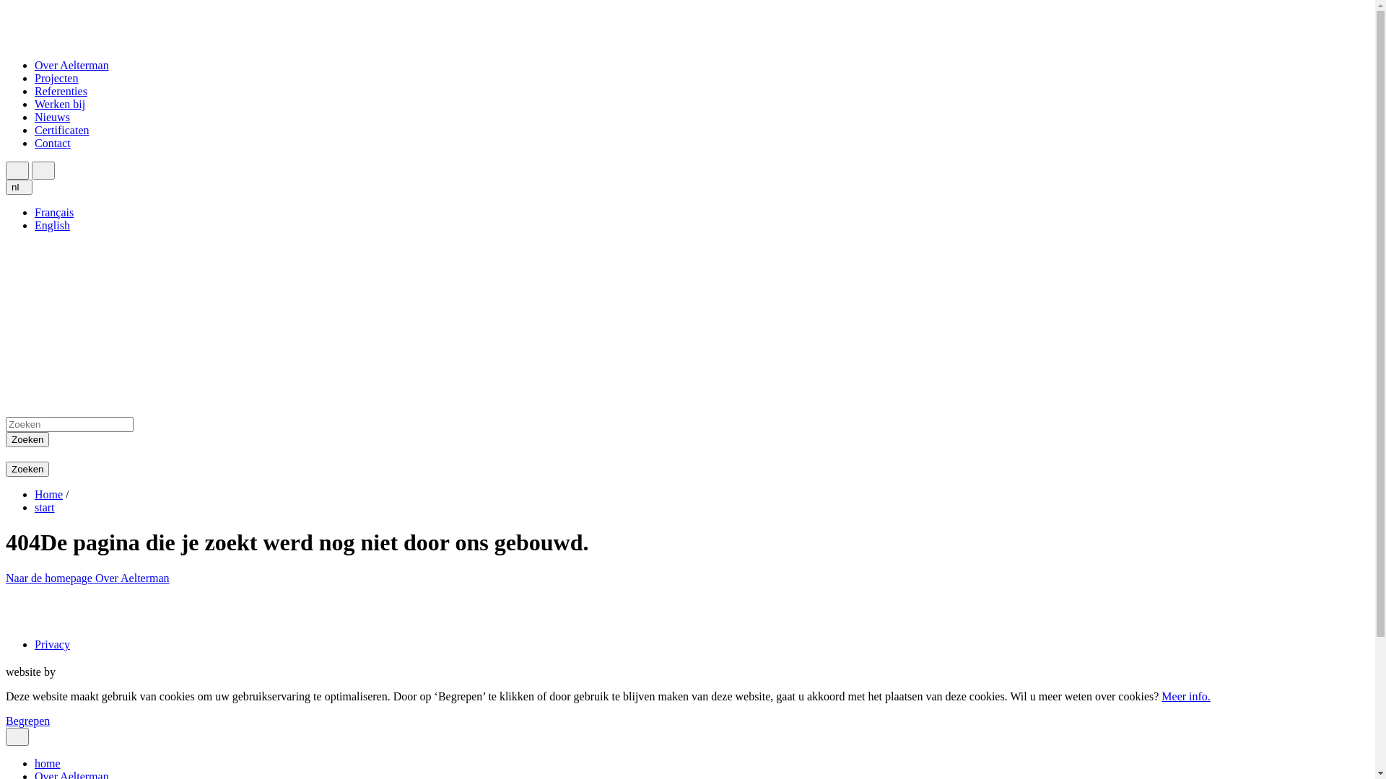 The height and width of the screenshot is (779, 1386). Describe the element at coordinates (52, 225) in the screenshot. I see `'English'` at that location.